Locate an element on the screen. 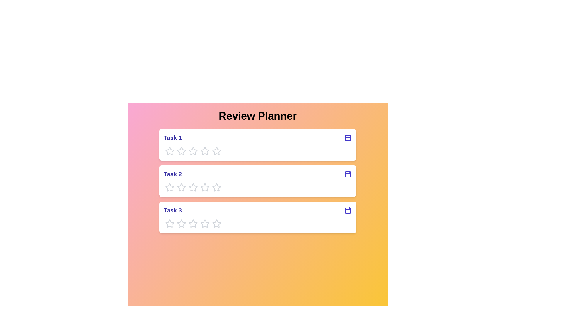 The width and height of the screenshot is (563, 316). the calendar icon for Task 1 is located at coordinates (348, 138).